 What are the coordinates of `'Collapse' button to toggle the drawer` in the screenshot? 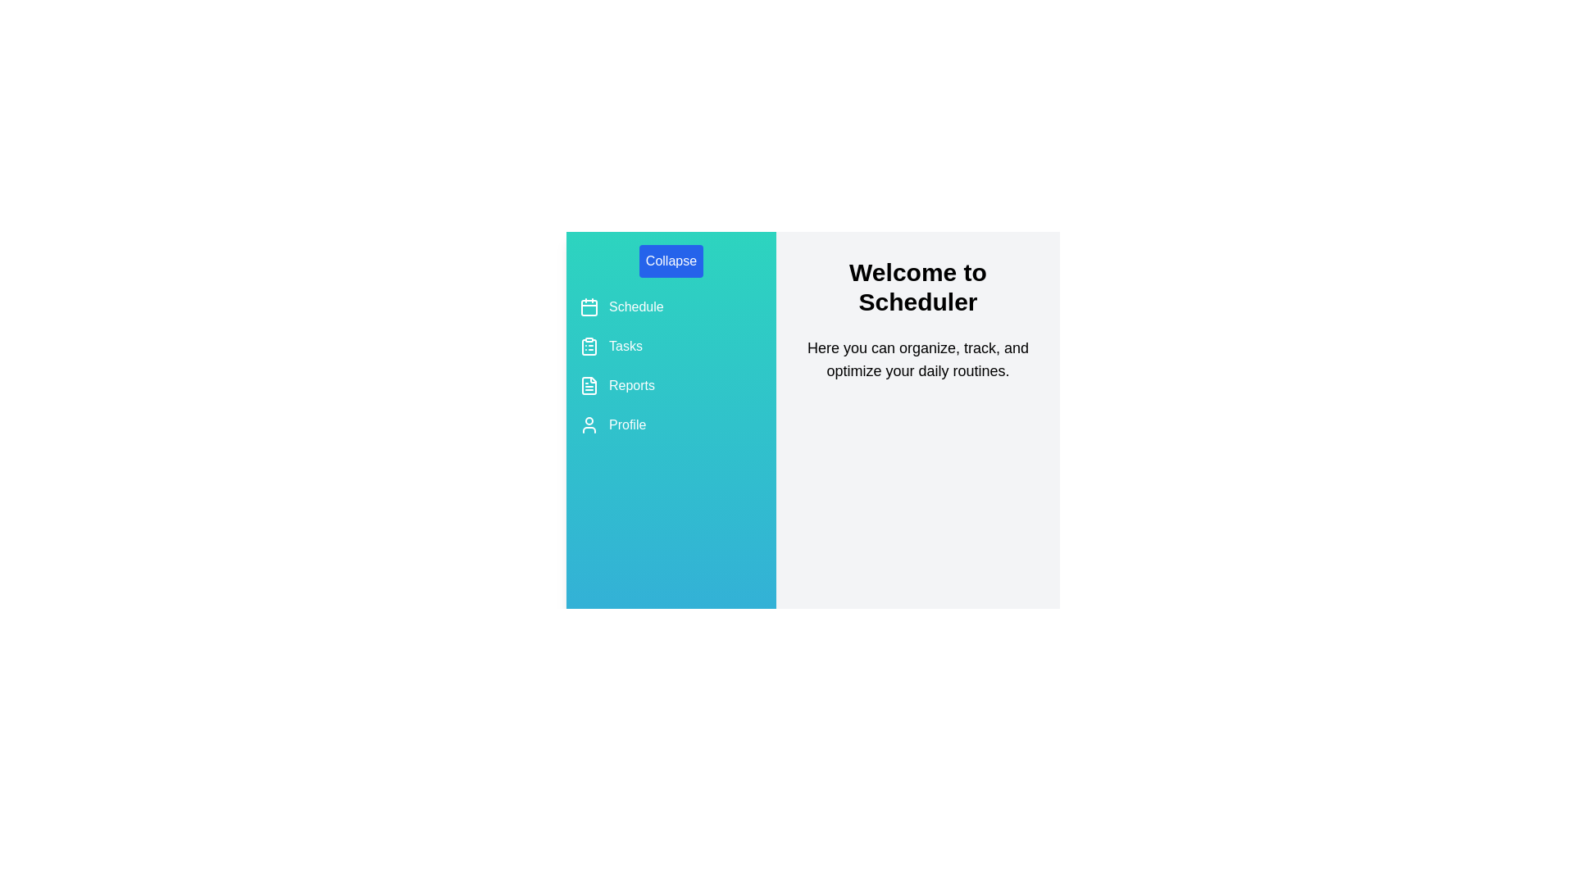 It's located at (671, 261).